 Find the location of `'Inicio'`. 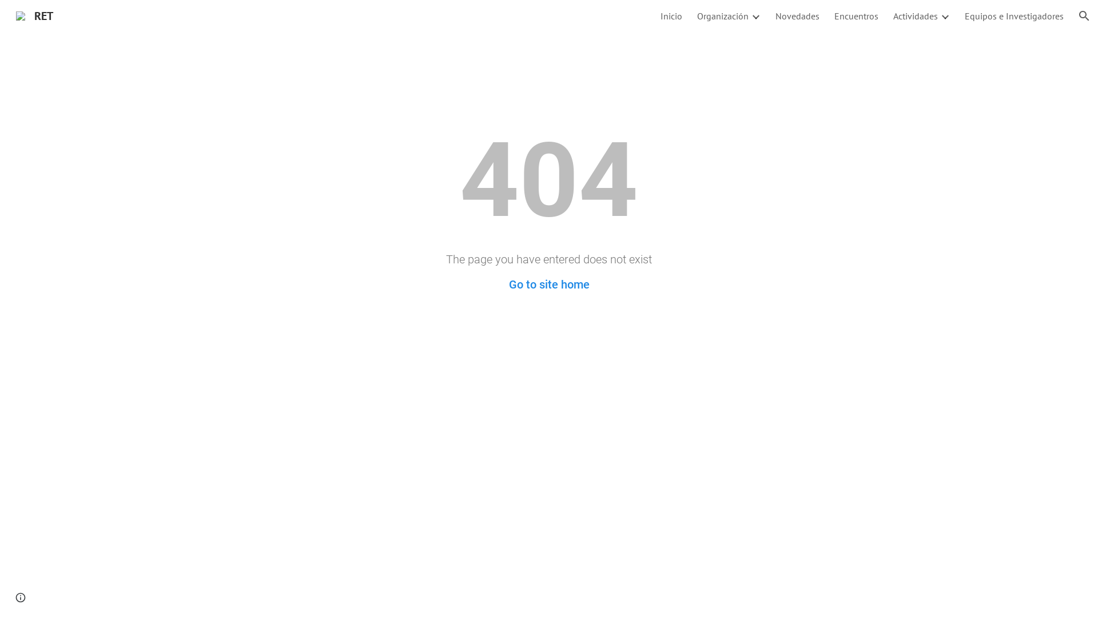

'Inicio' is located at coordinates (671, 15).